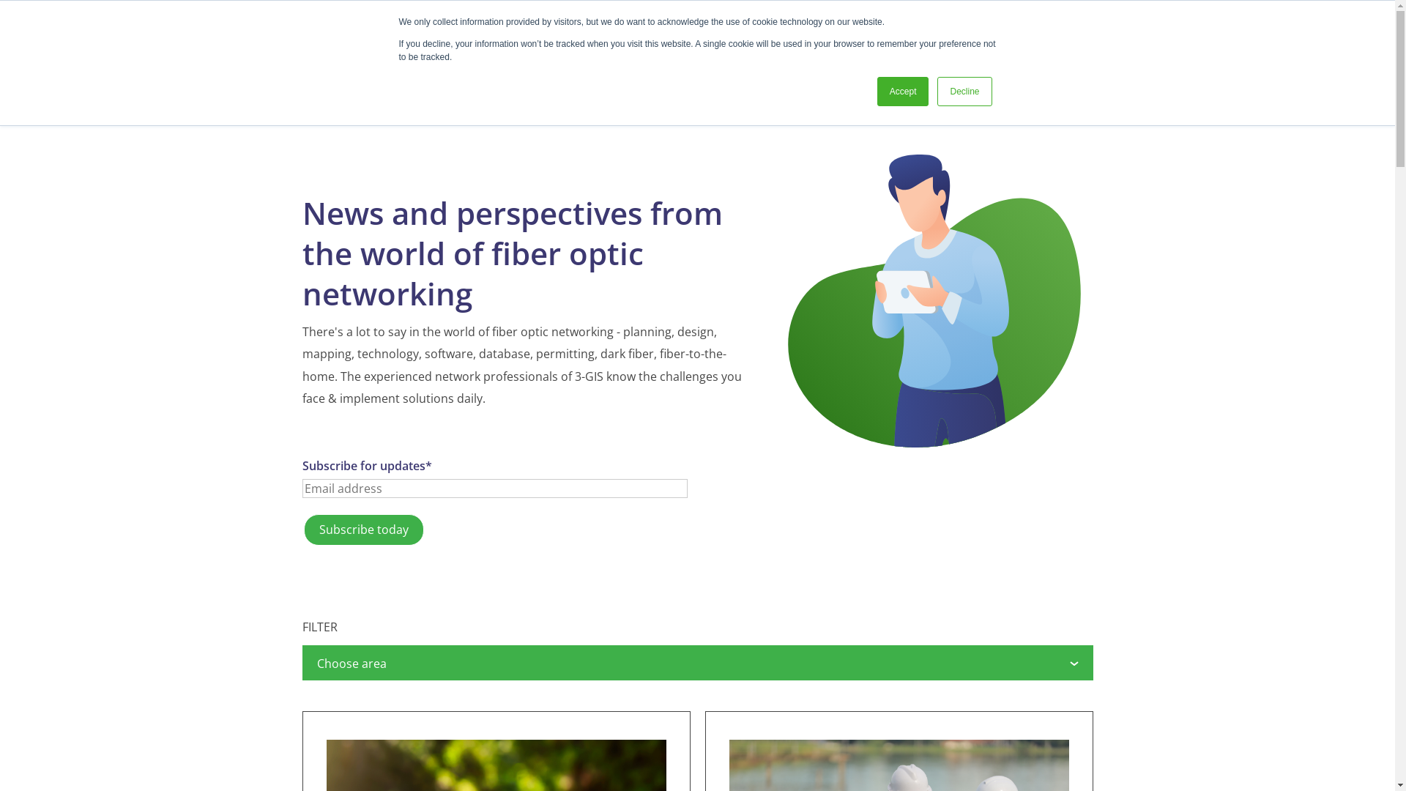 The width and height of the screenshot is (1406, 791). What do you see at coordinates (902, 91) in the screenshot?
I see `'Accept'` at bounding box center [902, 91].